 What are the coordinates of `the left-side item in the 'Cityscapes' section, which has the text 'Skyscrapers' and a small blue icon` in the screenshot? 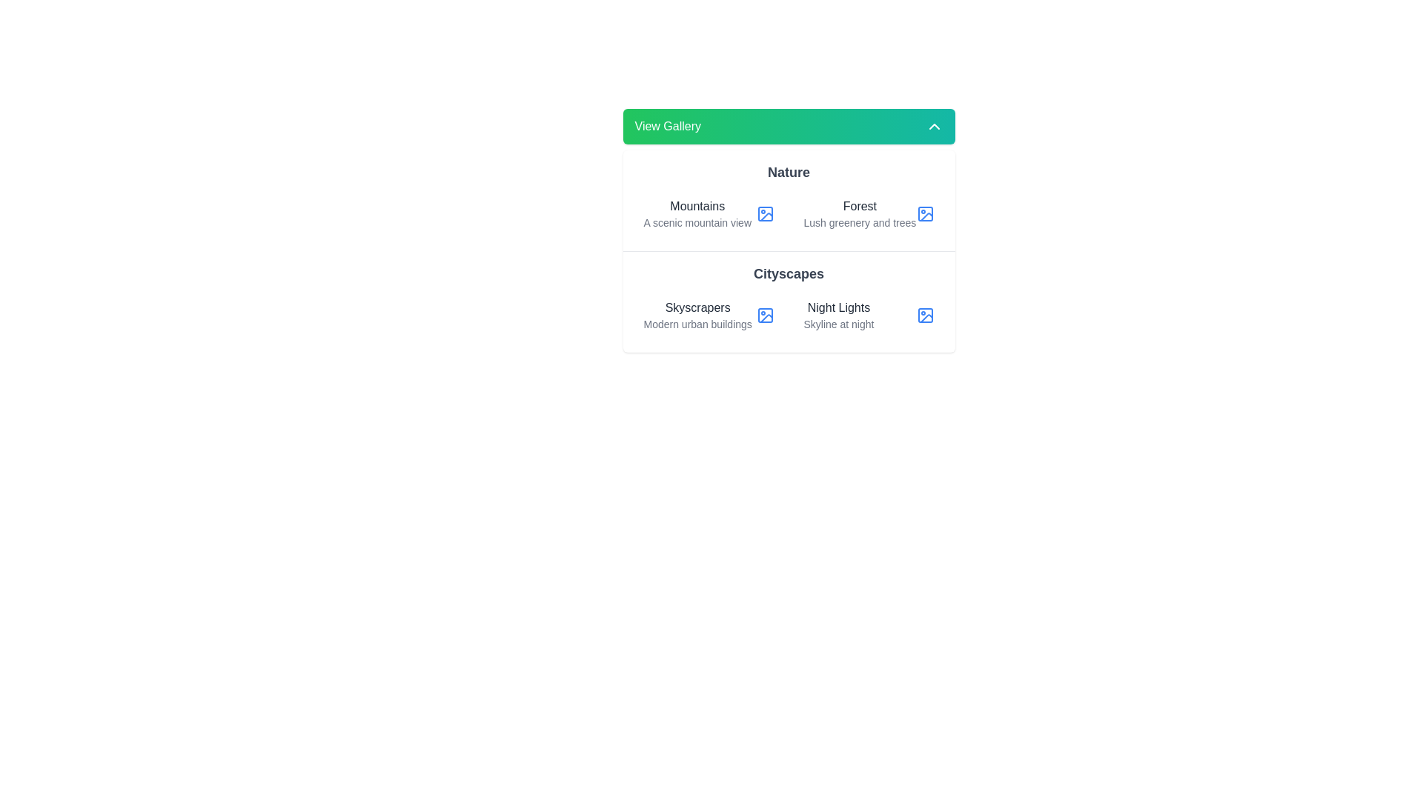 It's located at (708, 314).